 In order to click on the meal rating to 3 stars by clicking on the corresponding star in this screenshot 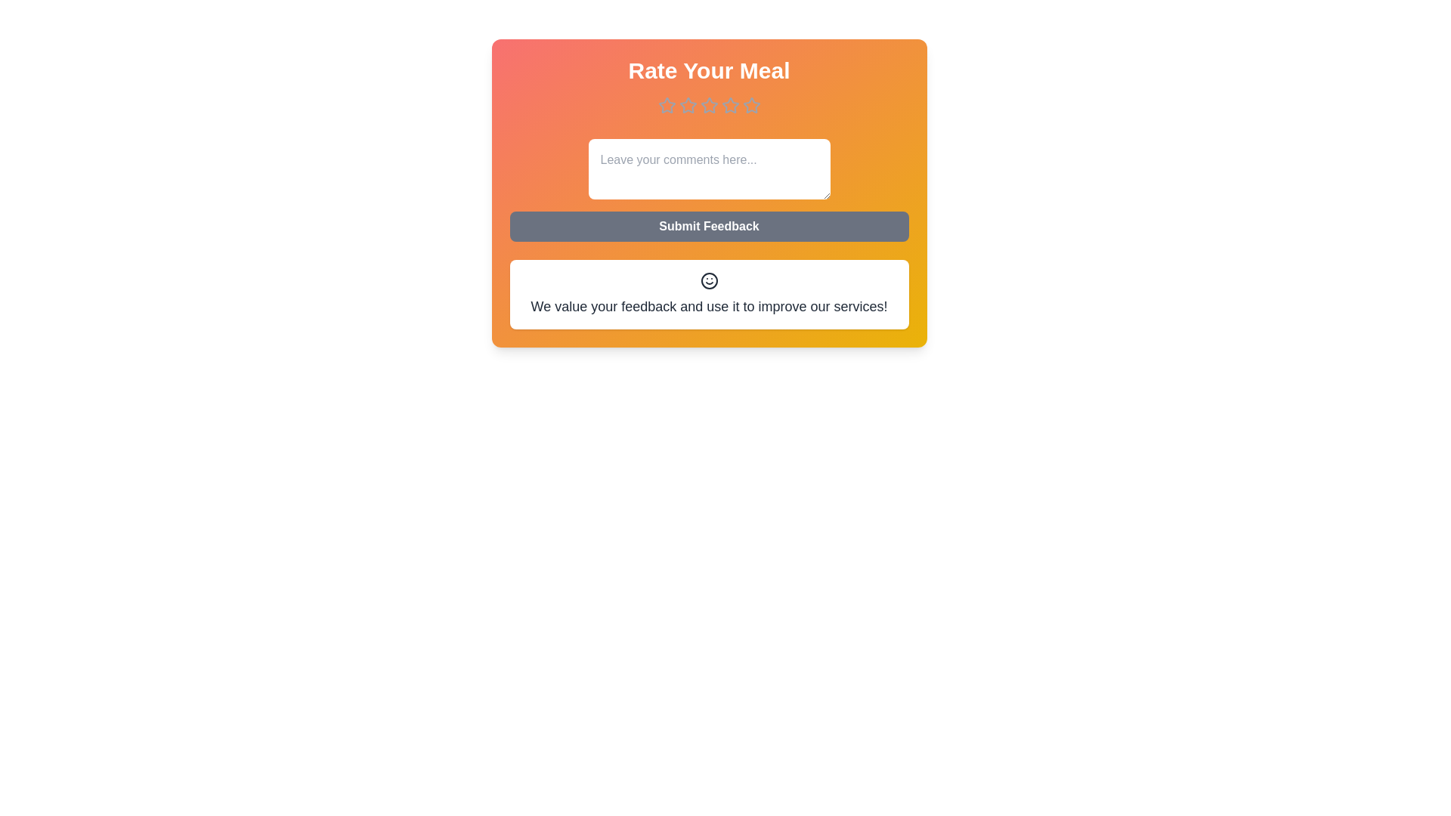, I will do `click(708, 104)`.